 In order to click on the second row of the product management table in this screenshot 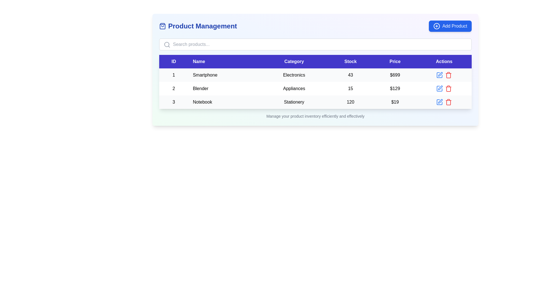, I will do `click(315, 89)`.